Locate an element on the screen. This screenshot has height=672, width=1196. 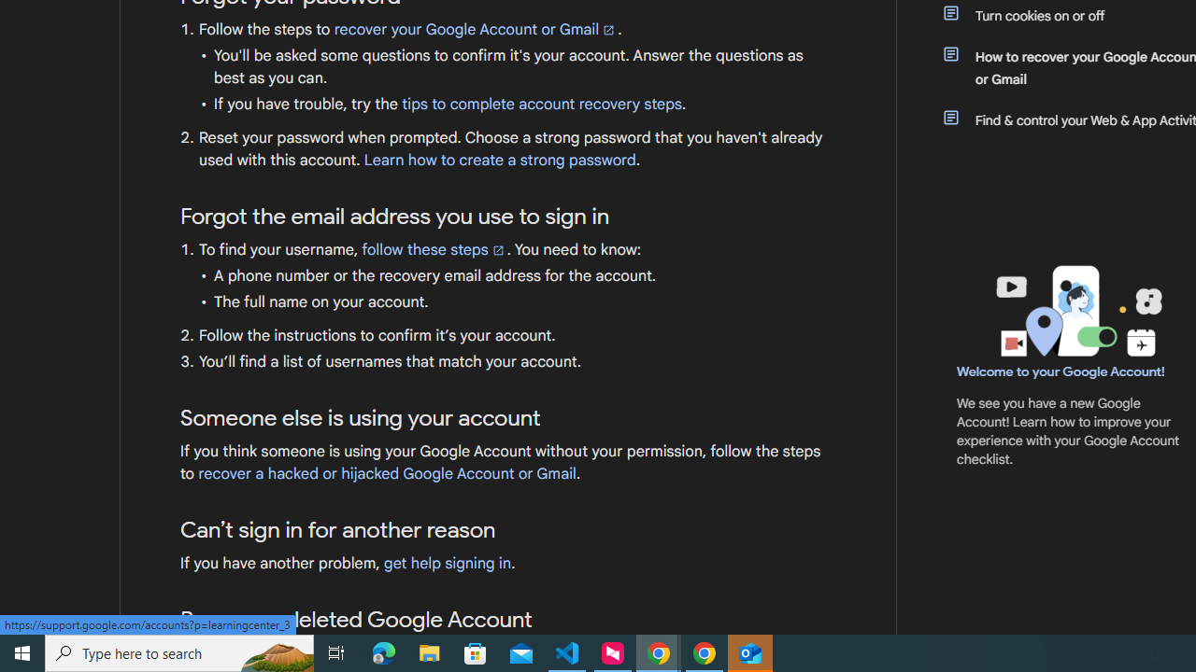
'tips to complete account recovery steps' is located at coordinates (541, 104).